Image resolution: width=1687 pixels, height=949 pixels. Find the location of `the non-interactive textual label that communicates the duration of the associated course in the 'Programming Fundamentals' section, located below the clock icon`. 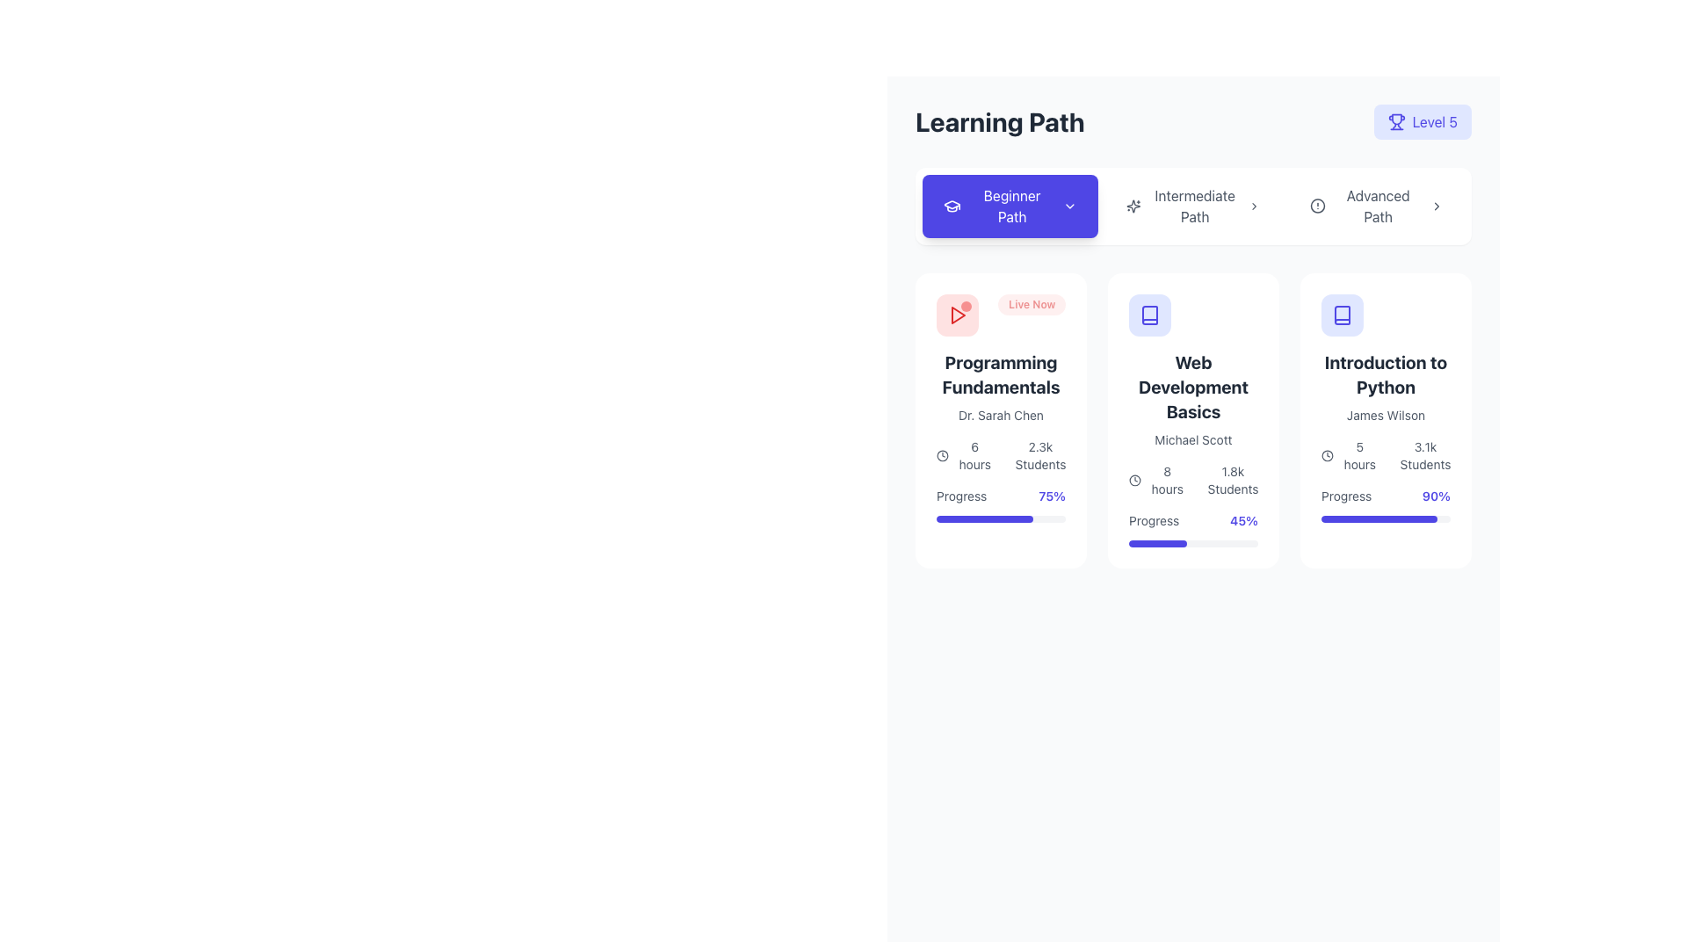

the non-interactive textual label that communicates the duration of the associated course in the 'Programming Fundamentals' section, located below the clock icon is located at coordinates (974, 455).